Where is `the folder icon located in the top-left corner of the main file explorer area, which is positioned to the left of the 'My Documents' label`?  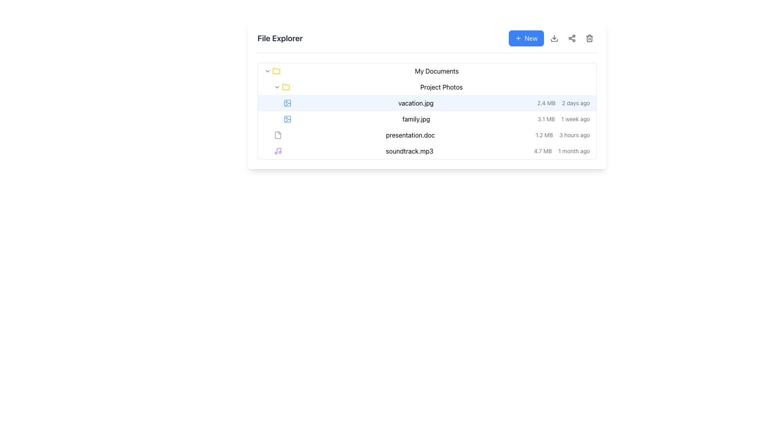
the folder icon located in the top-left corner of the main file explorer area, which is positioned to the left of the 'My Documents' label is located at coordinates (276, 70).